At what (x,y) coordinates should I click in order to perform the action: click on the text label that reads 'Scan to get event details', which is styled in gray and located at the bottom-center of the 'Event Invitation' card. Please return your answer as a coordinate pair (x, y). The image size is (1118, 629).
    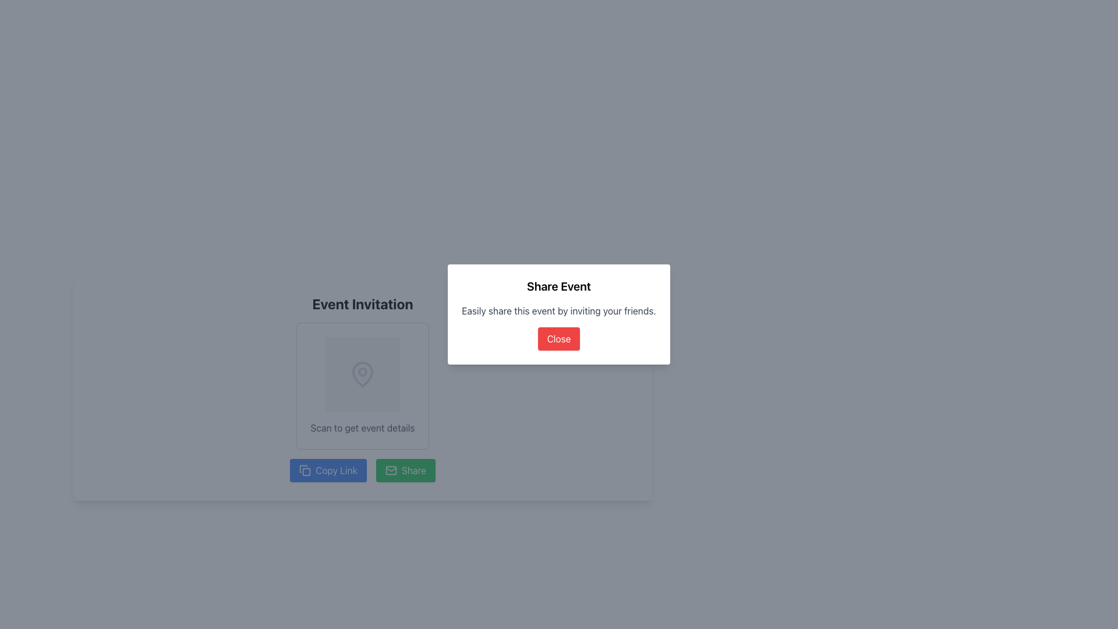
    Looking at the image, I should click on (362, 428).